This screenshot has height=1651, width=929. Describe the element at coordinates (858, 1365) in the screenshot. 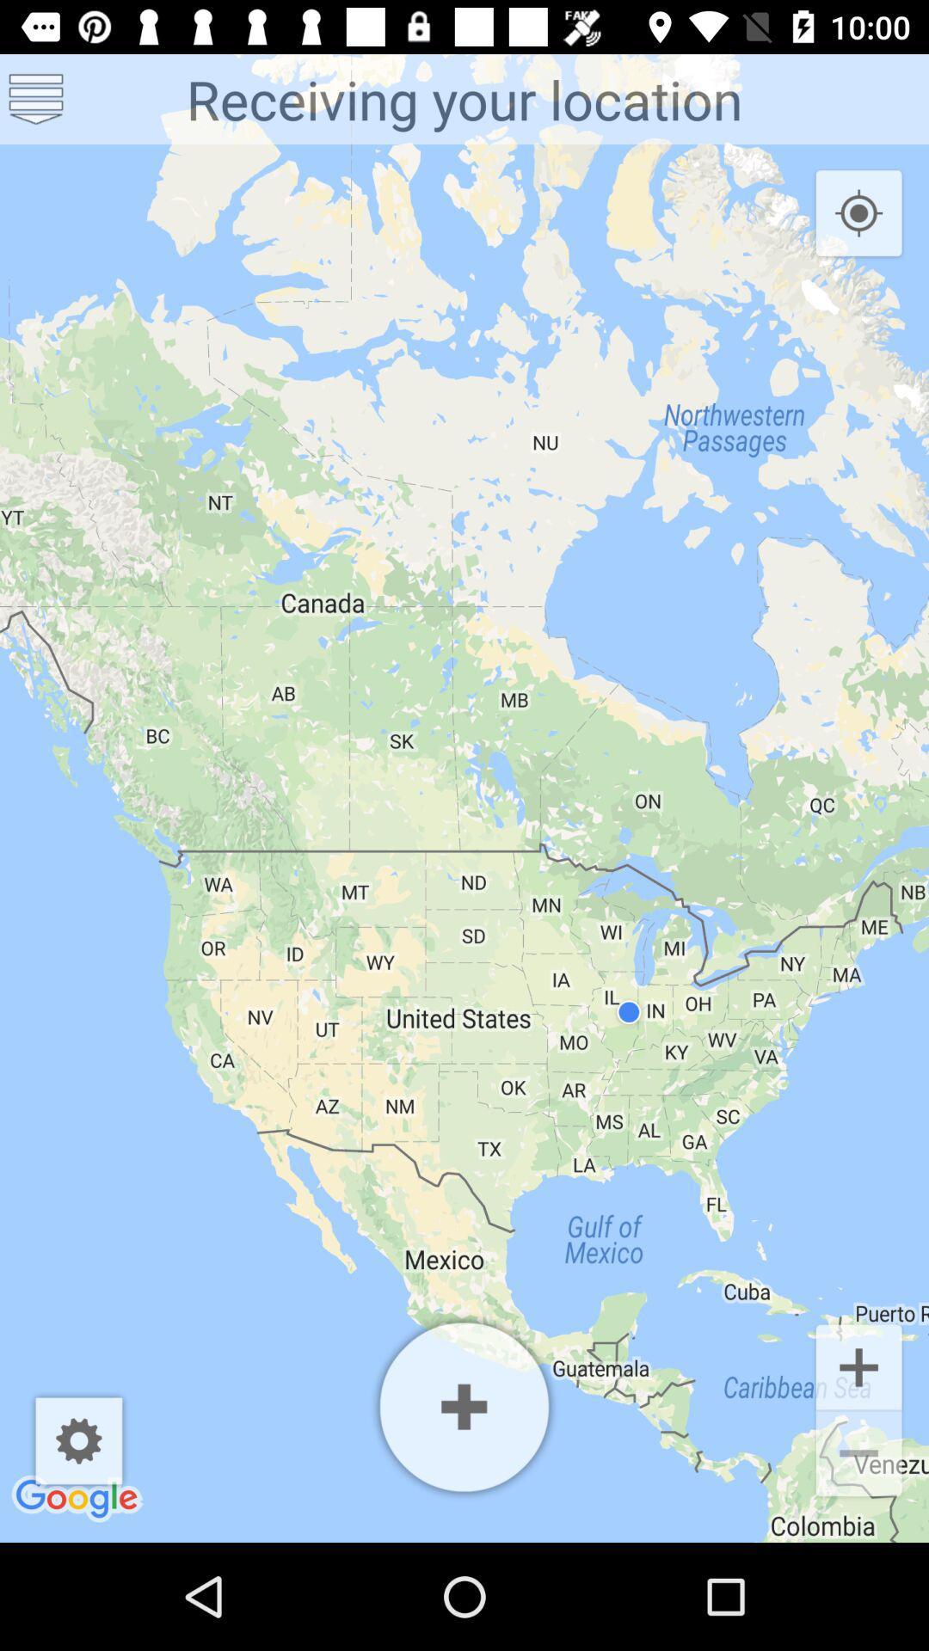

I see `the add icon` at that location.